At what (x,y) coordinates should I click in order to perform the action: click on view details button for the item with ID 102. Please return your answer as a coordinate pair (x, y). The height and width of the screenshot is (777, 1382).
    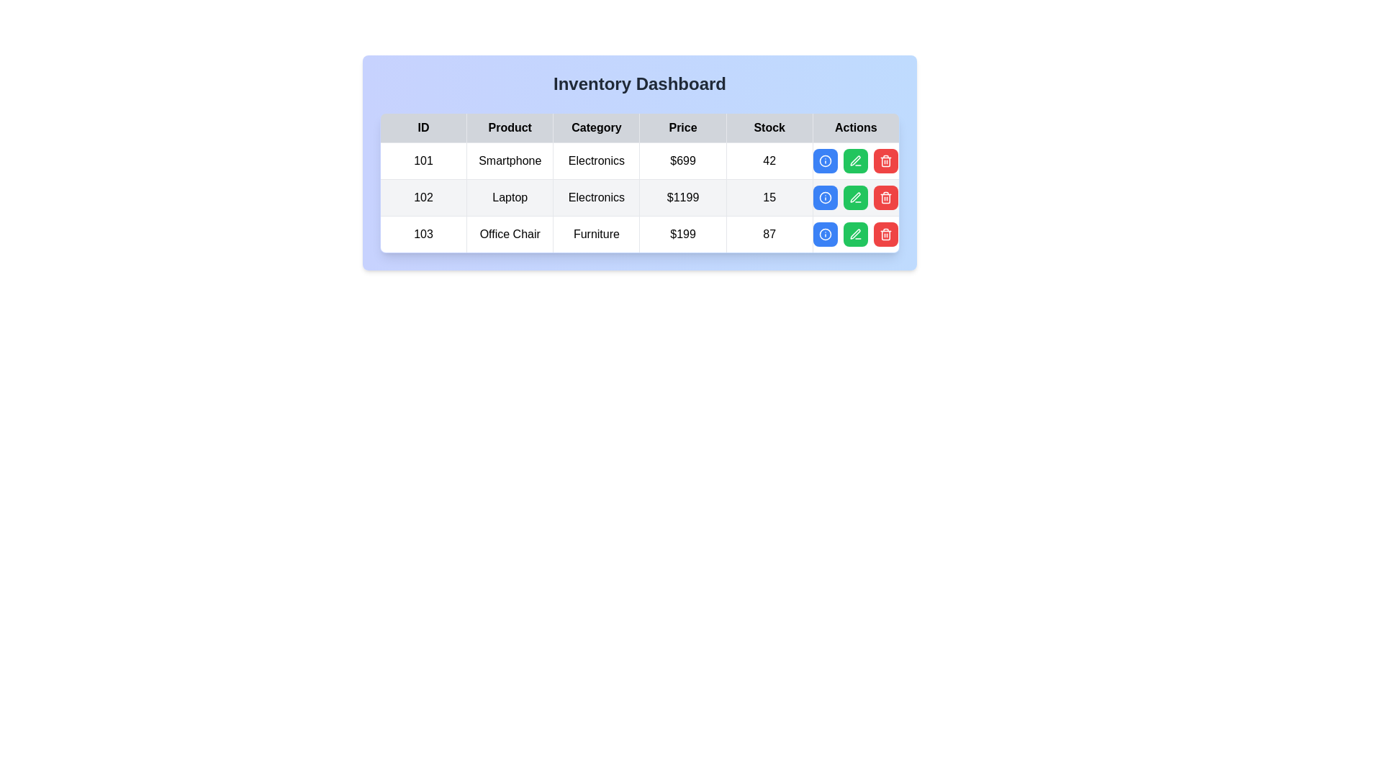
    Looking at the image, I should click on (826, 197).